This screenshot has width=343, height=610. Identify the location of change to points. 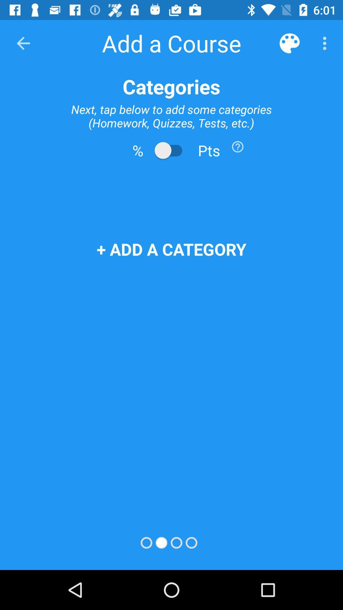
(171, 150).